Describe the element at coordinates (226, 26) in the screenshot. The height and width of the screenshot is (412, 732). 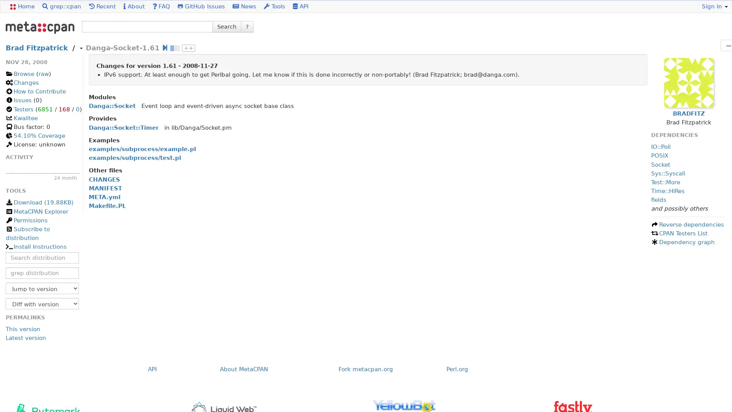
I see `Search` at that location.